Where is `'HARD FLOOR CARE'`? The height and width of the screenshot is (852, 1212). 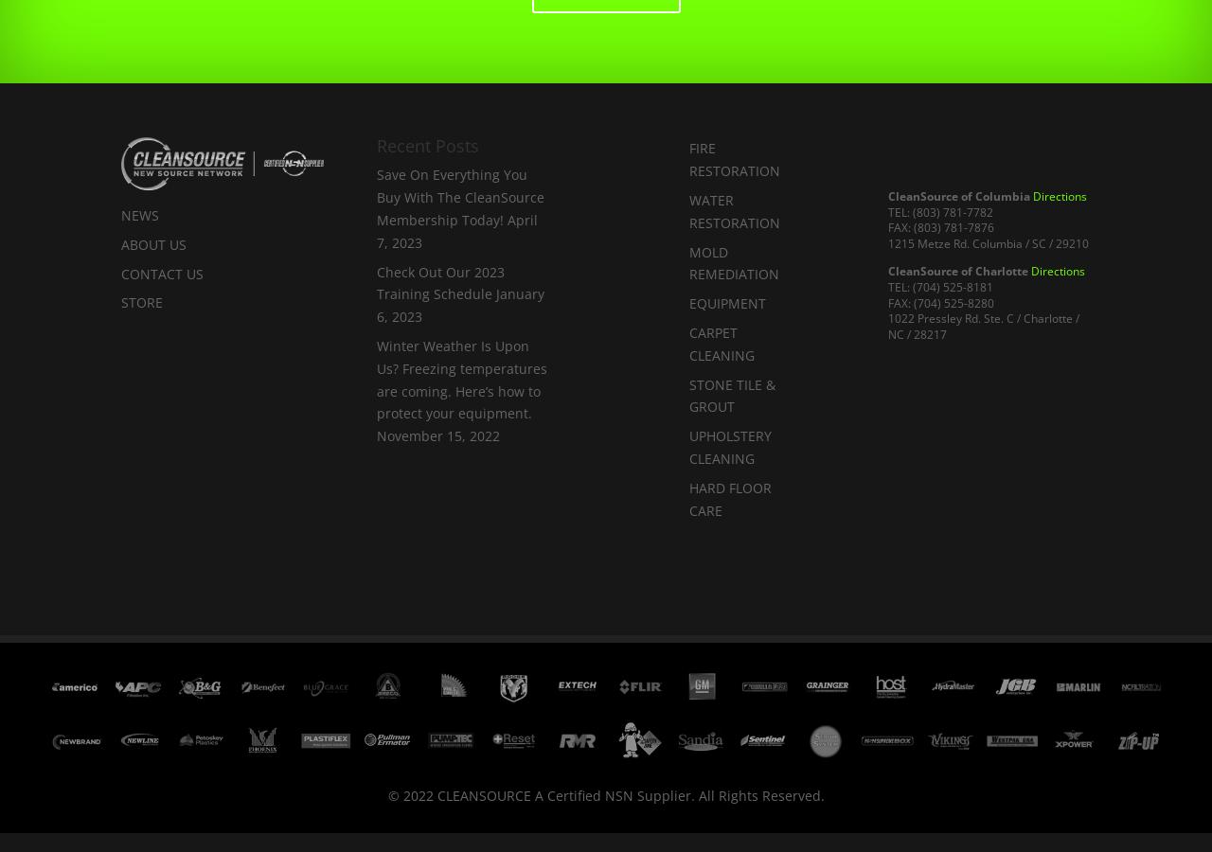 'HARD FLOOR CARE' is located at coordinates (687, 497).